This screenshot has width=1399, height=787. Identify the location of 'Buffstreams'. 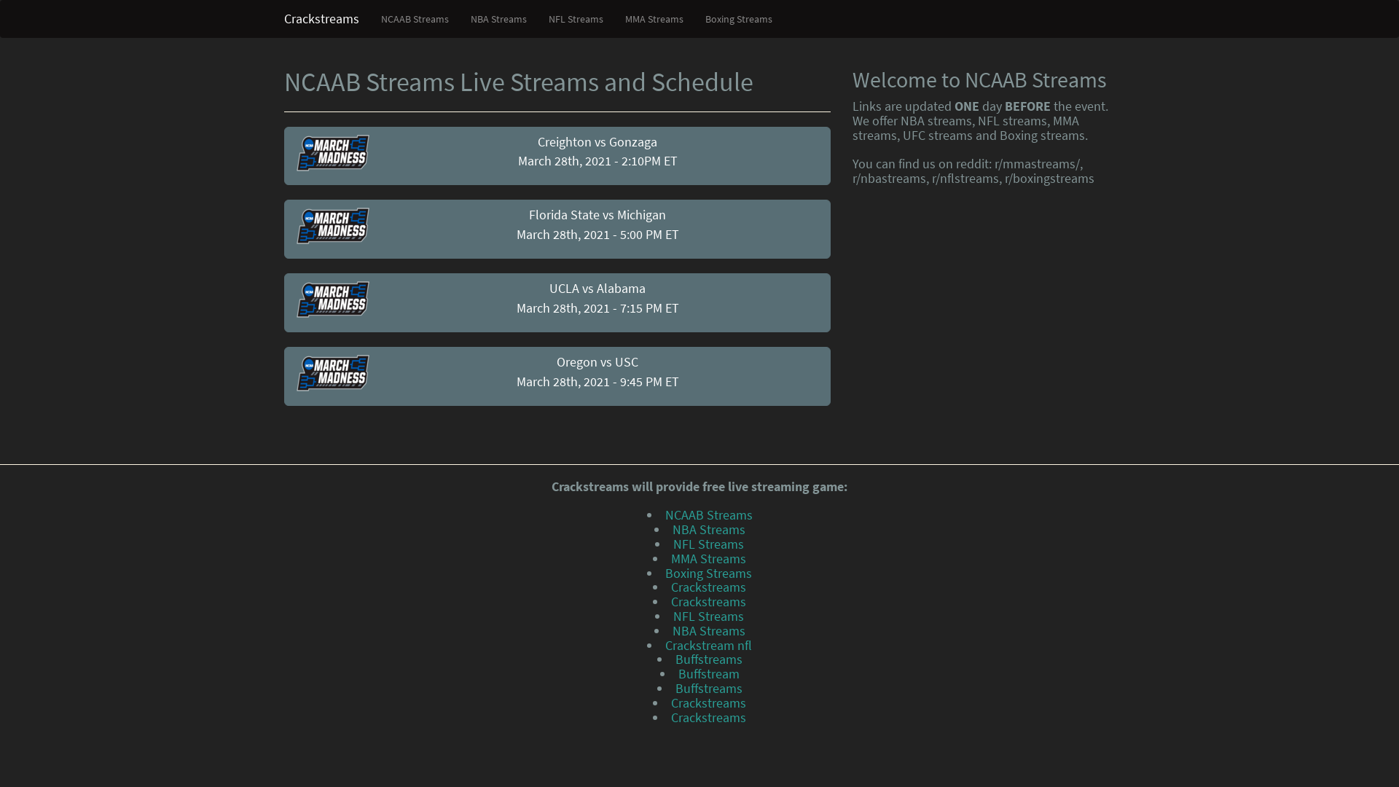
(708, 688).